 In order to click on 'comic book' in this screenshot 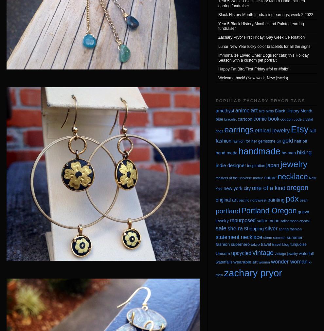, I will do `click(266, 118)`.